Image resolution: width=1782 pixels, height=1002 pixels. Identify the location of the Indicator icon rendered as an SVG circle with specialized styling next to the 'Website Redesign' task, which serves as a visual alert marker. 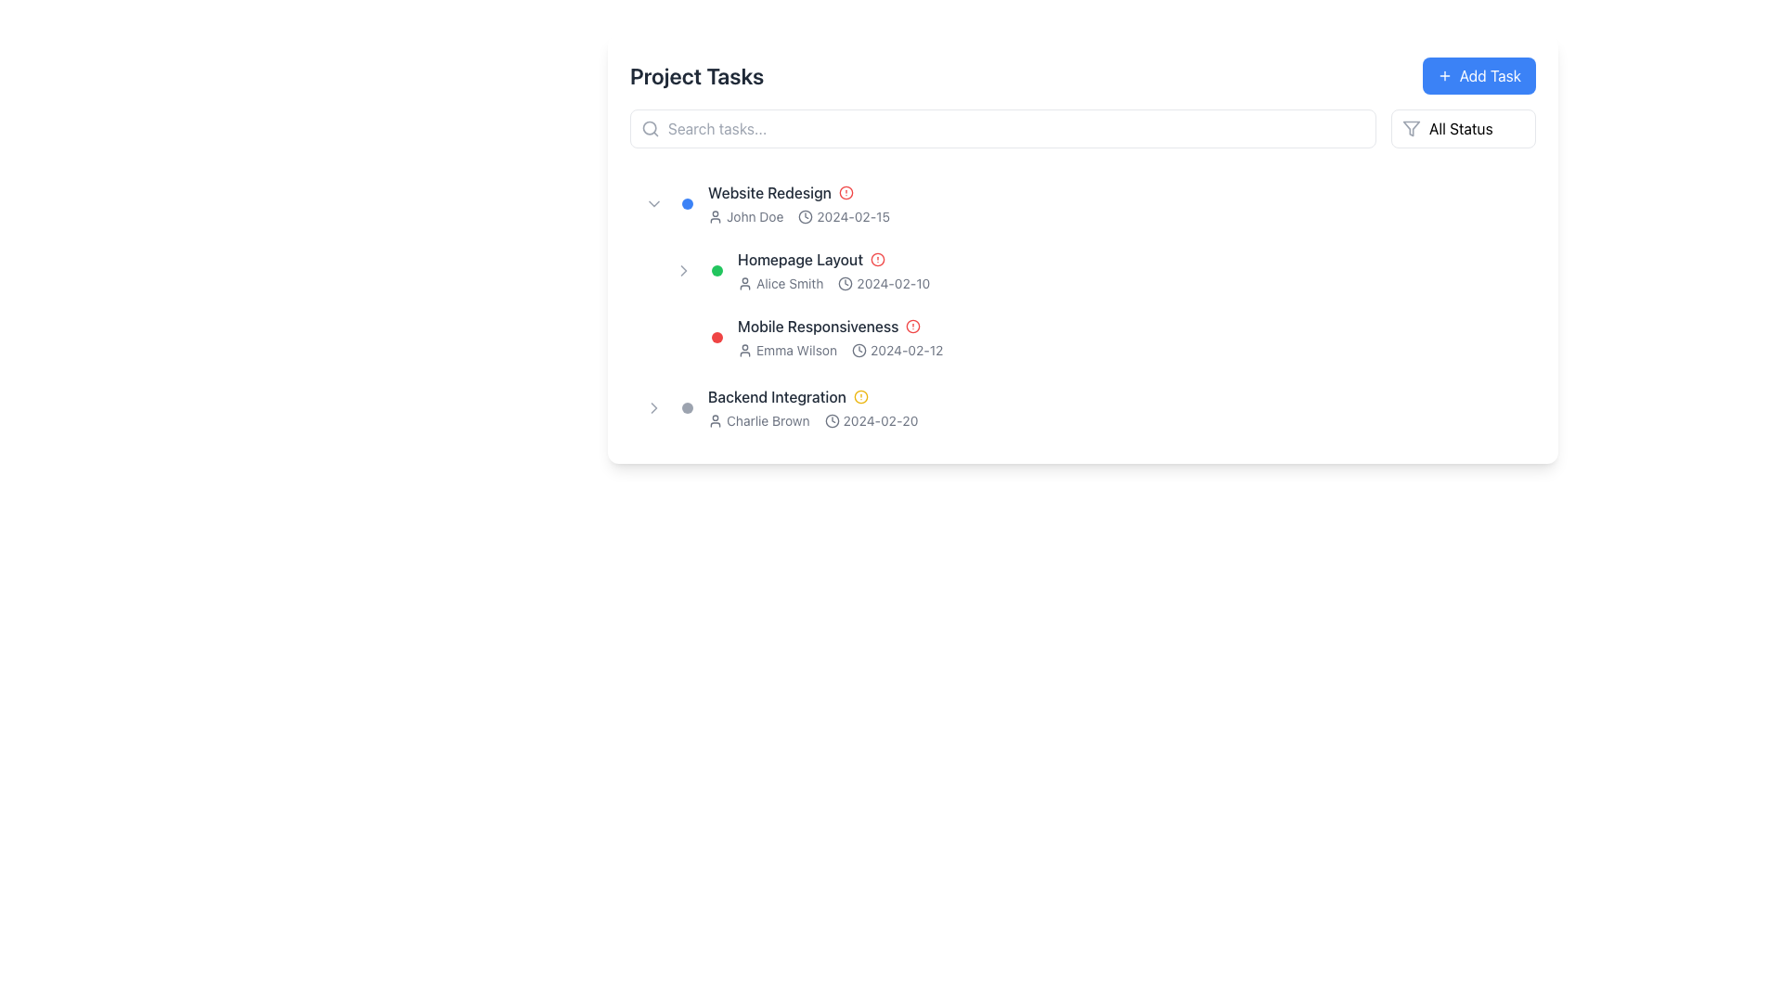
(859, 396).